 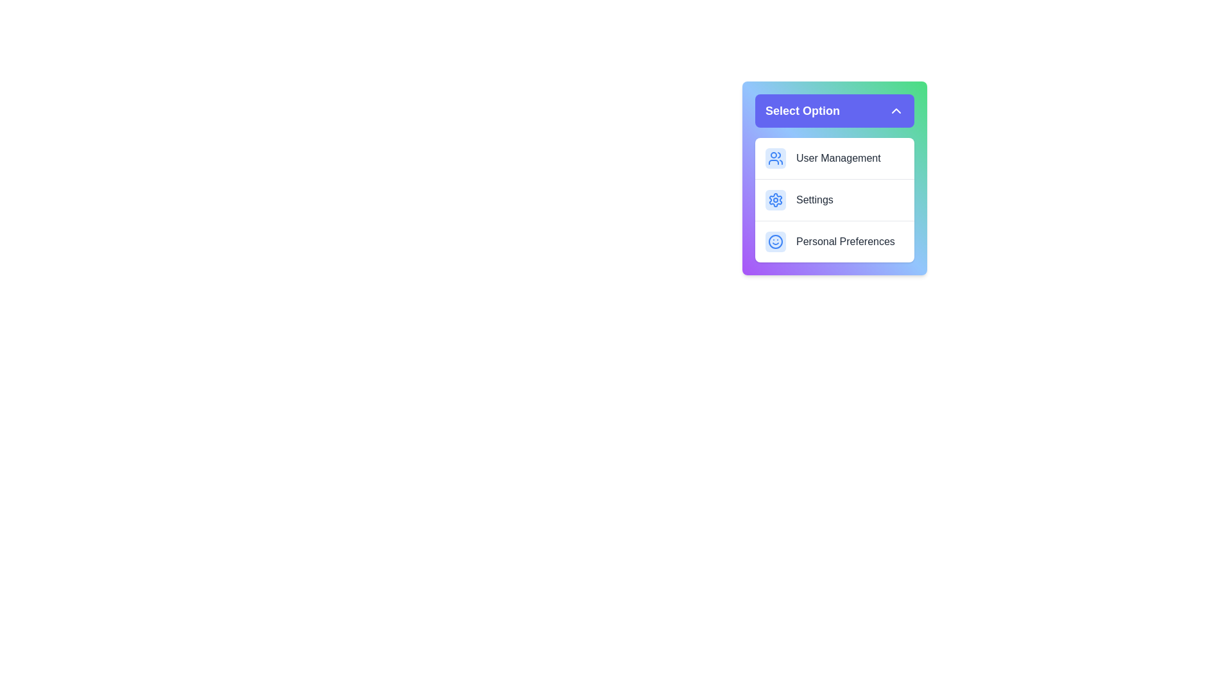 I want to click on the blue circular icon with a simplistic smiley face graphic located in the bottom option of the 'Personal Preferences' dropdown menu, so click(x=775, y=242).